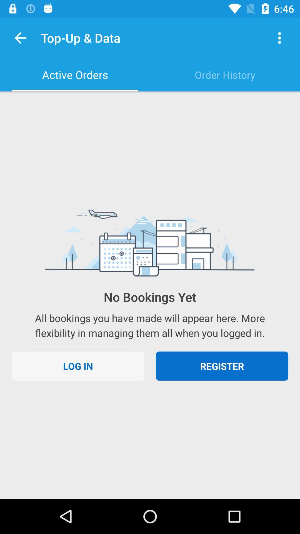  Describe the element at coordinates (222, 366) in the screenshot. I see `the icon to the right of the log in item` at that location.